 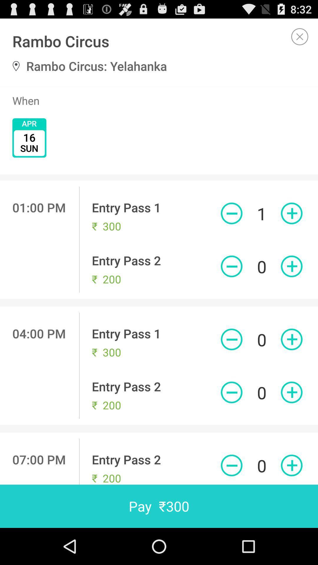 I want to click on an entry pass, so click(x=291, y=392).